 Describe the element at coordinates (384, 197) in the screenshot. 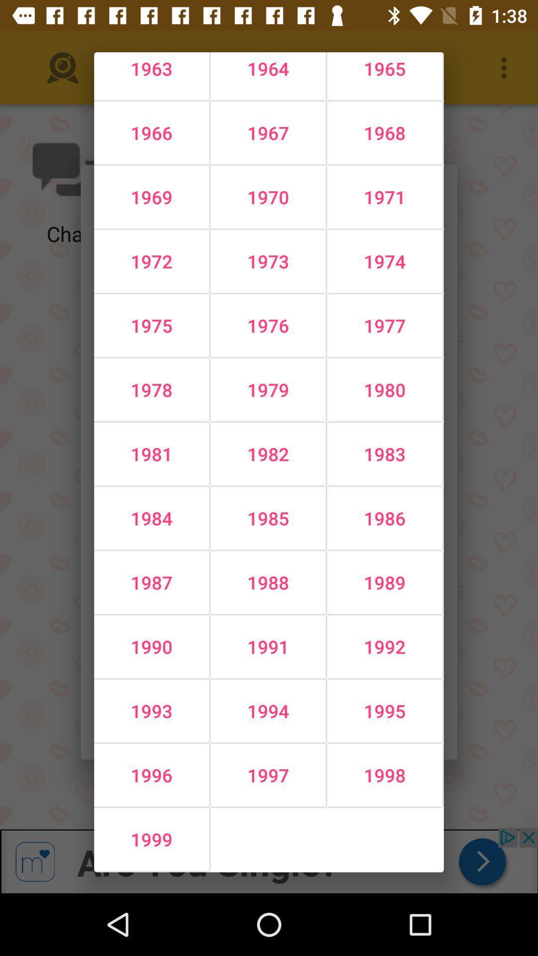

I see `the icon below the 1967` at that location.